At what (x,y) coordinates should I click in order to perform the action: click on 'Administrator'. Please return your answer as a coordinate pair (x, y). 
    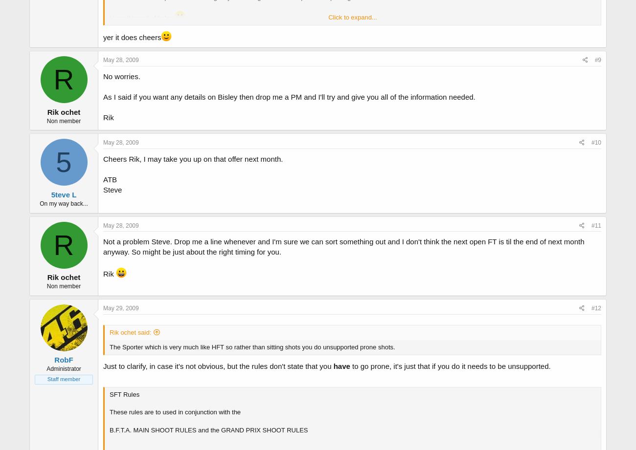
    Looking at the image, I should click on (63, 369).